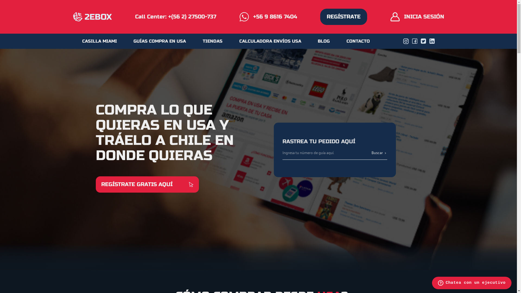 The image size is (521, 293). What do you see at coordinates (403, 41) in the screenshot?
I see `'instagram'` at bounding box center [403, 41].